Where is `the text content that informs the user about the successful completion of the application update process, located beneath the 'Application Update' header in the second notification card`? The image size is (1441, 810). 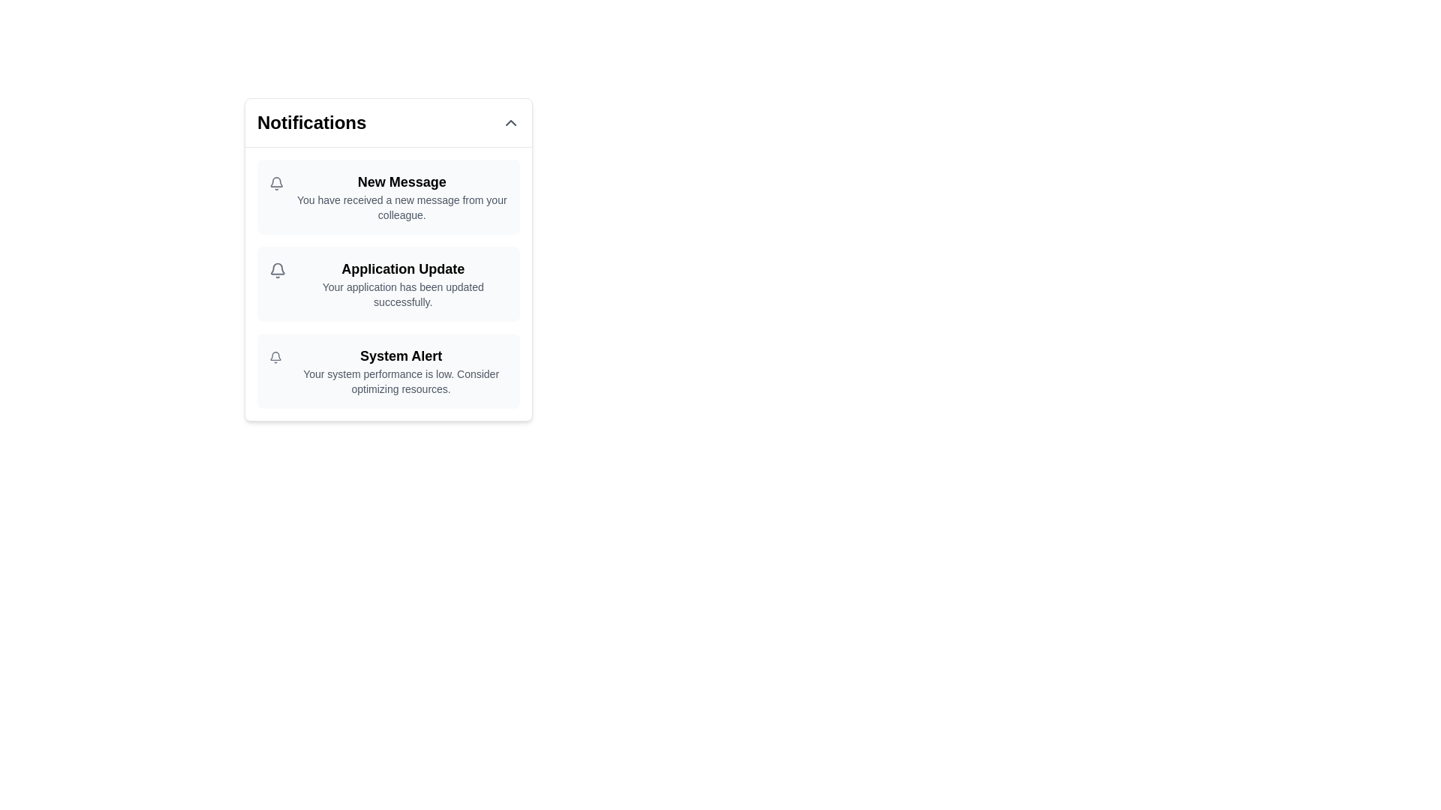 the text content that informs the user about the successful completion of the application update process, located beneath the 'Application Update' header in the second notification card is located at coordinates (403, 295).